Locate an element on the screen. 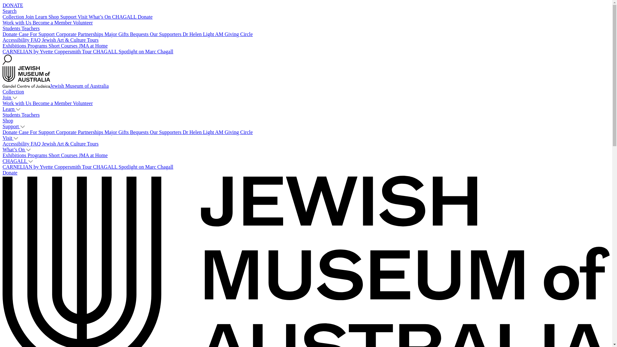 The height and width of the screenshot is (347, 617). 'Shop' is located at coordinates (3, 120).